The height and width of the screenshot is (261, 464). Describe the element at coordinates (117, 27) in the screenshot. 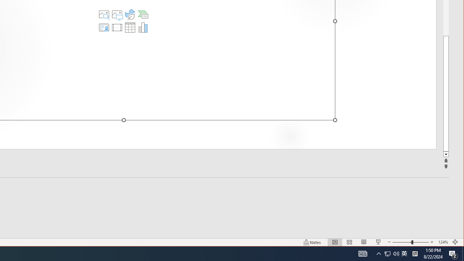

I see `'Insert Video'` at that location.